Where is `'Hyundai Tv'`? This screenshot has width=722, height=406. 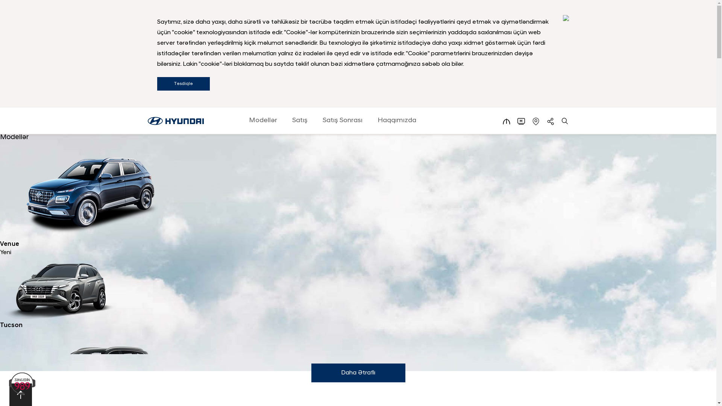
'Hyundai Tv' is located at coordinates (521, 121).